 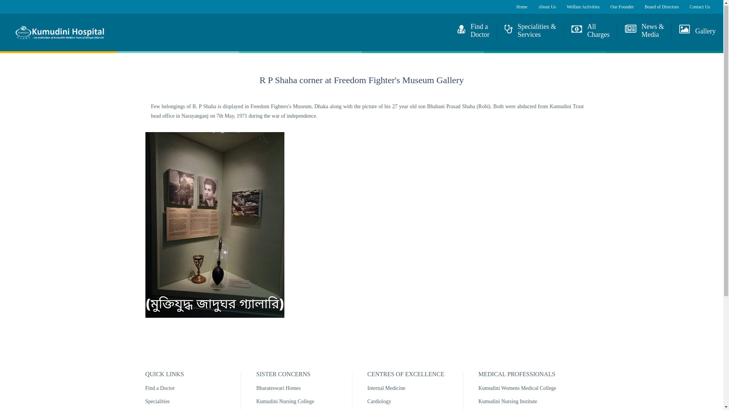 What do you see at coordinates (661, 7) in the screenshot?
I see `'Board of Directors'` at bounding box center [661, 7].